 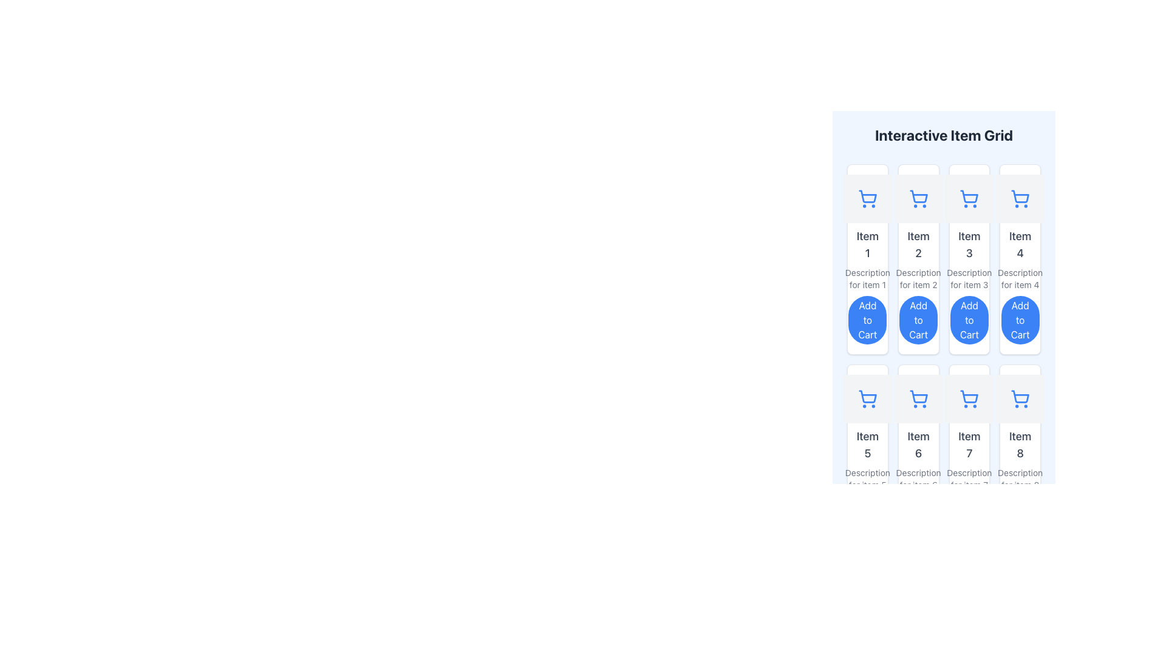 What do you see at coordinates (867, 399) in the screenshot?
I see `the shopping icon button located in the first column of the second row, which represents actions related to adding items to a cart` at bounding box center [867, 399].